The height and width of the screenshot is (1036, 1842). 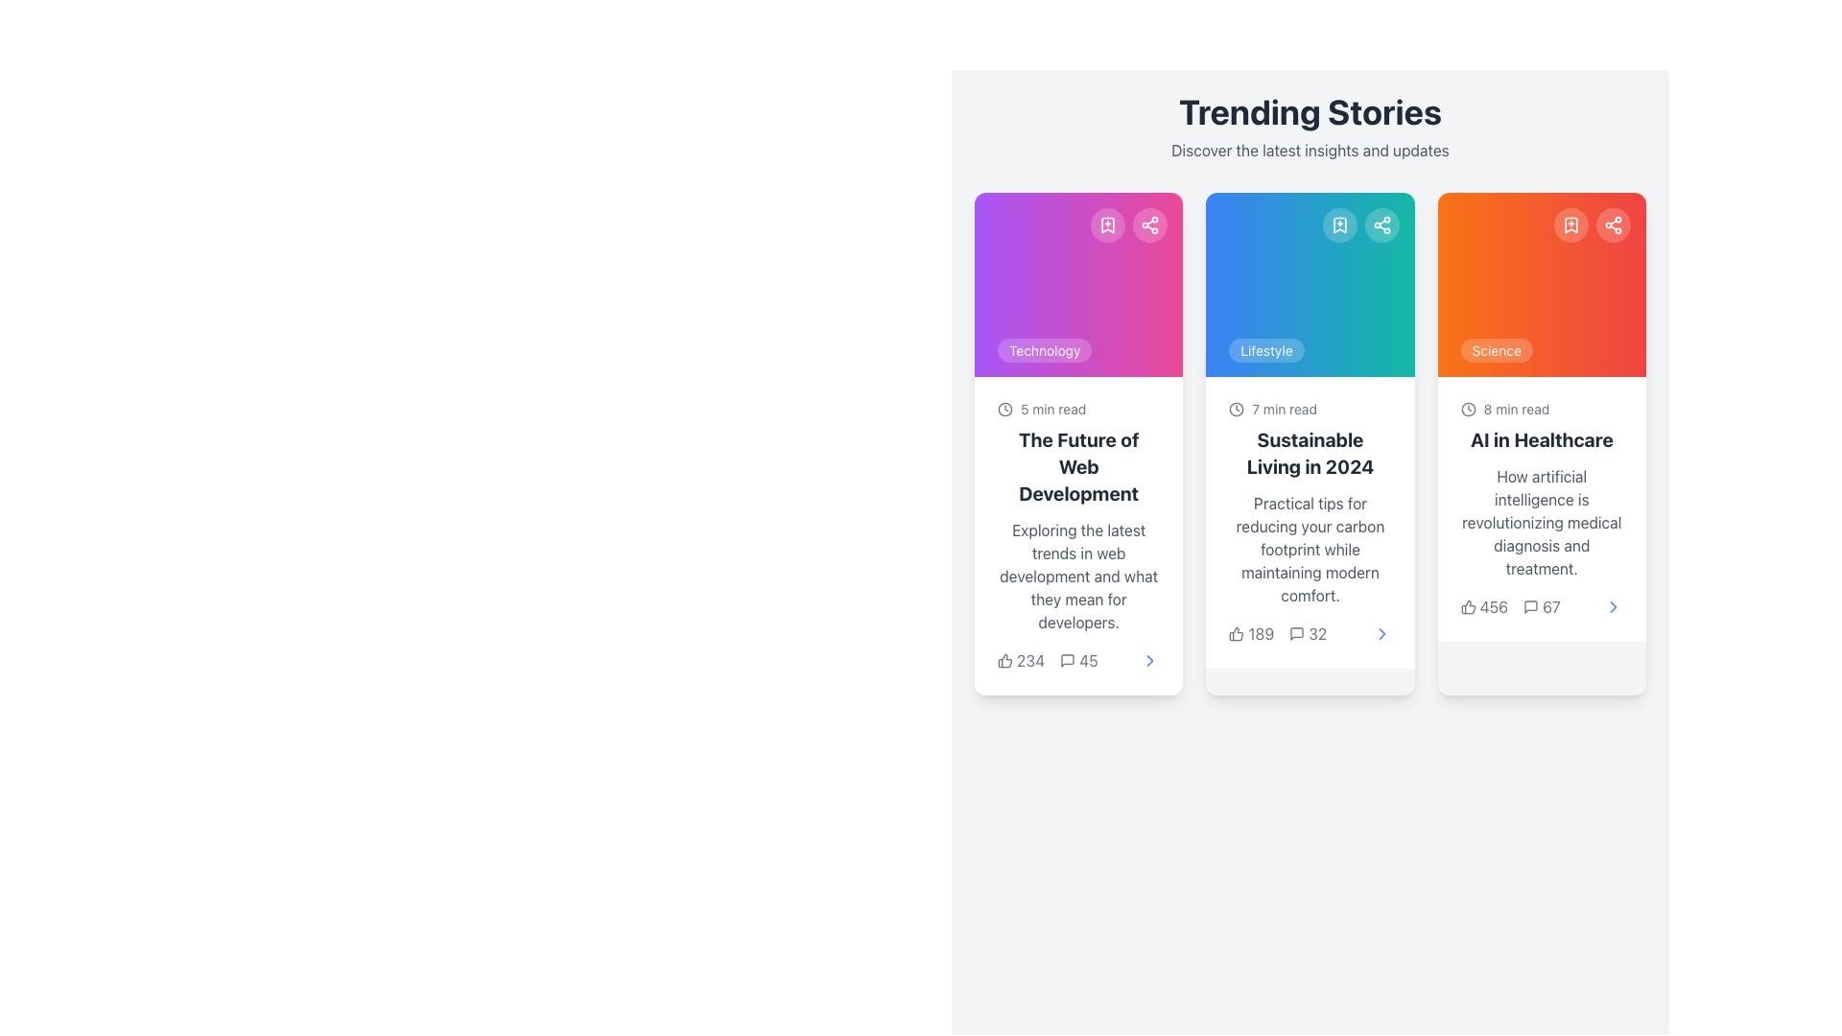 What do you see at coordinates (1266, 350) in the screenshot?
I see `the Pill-shaped label within the second card from the left, which serves as a category identifier for the content of the card titled 'Sustainable Living in 2024'` at bounding box center [1266, 350].